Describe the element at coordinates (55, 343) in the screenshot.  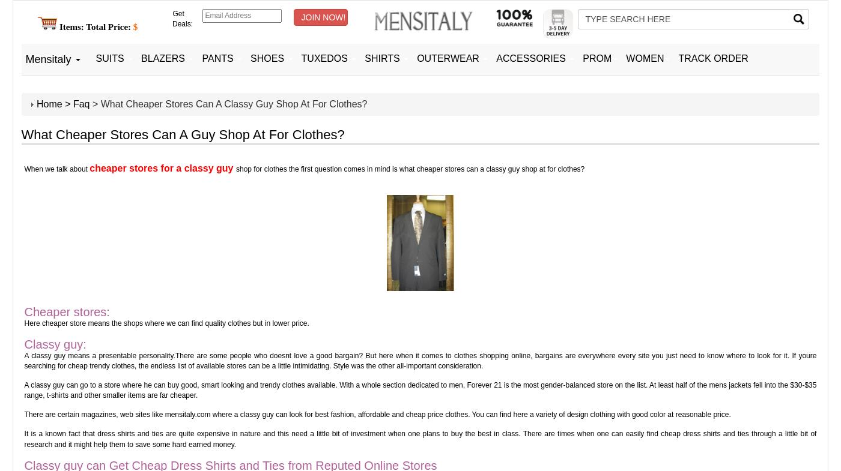
I see `'Classy guy:'` at that location.